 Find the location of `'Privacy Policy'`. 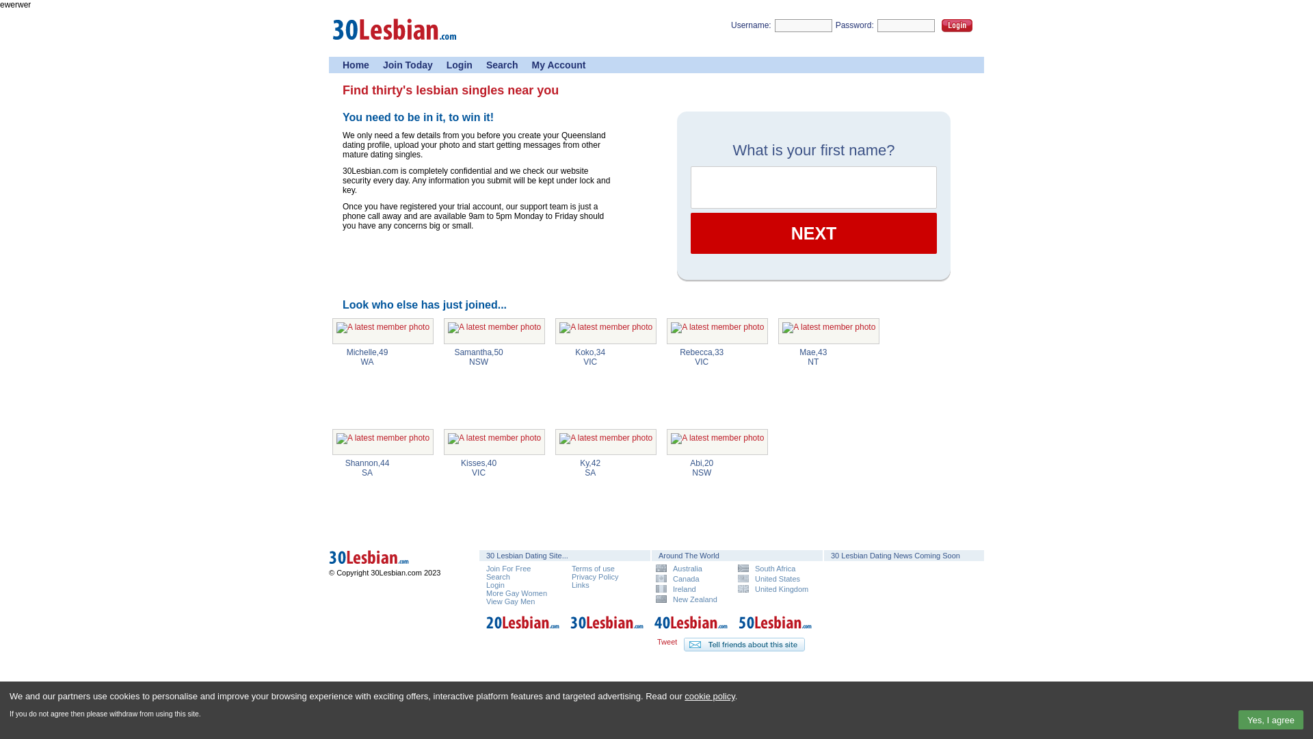

'Privacy Policy' is located at coordinates (594, 577).